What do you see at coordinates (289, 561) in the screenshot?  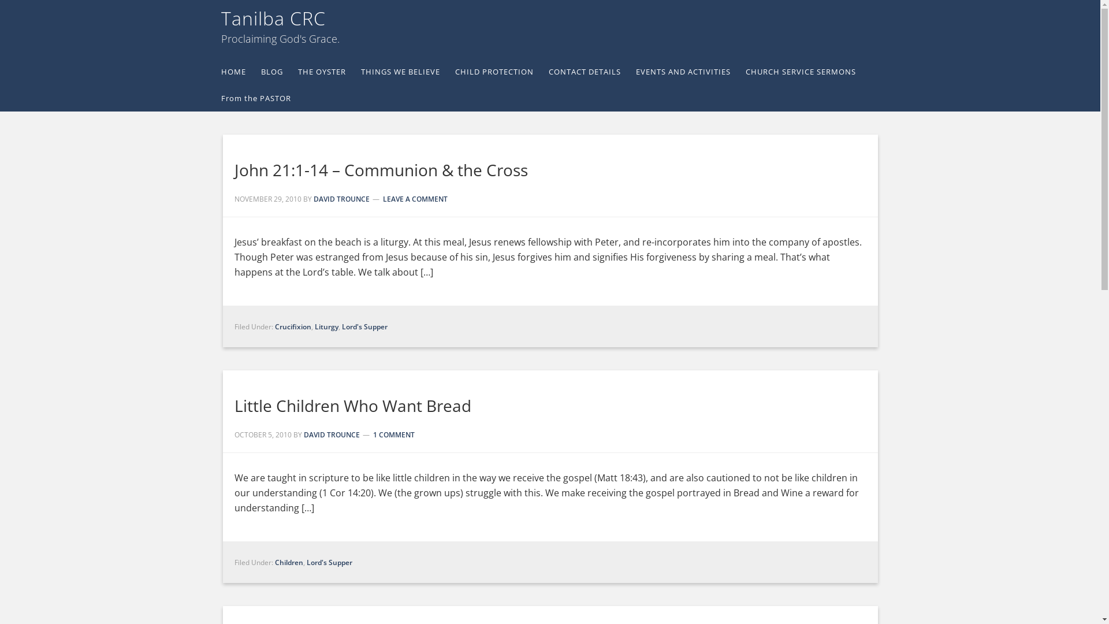 I see `'Children'` at bounding box center [289, 561].